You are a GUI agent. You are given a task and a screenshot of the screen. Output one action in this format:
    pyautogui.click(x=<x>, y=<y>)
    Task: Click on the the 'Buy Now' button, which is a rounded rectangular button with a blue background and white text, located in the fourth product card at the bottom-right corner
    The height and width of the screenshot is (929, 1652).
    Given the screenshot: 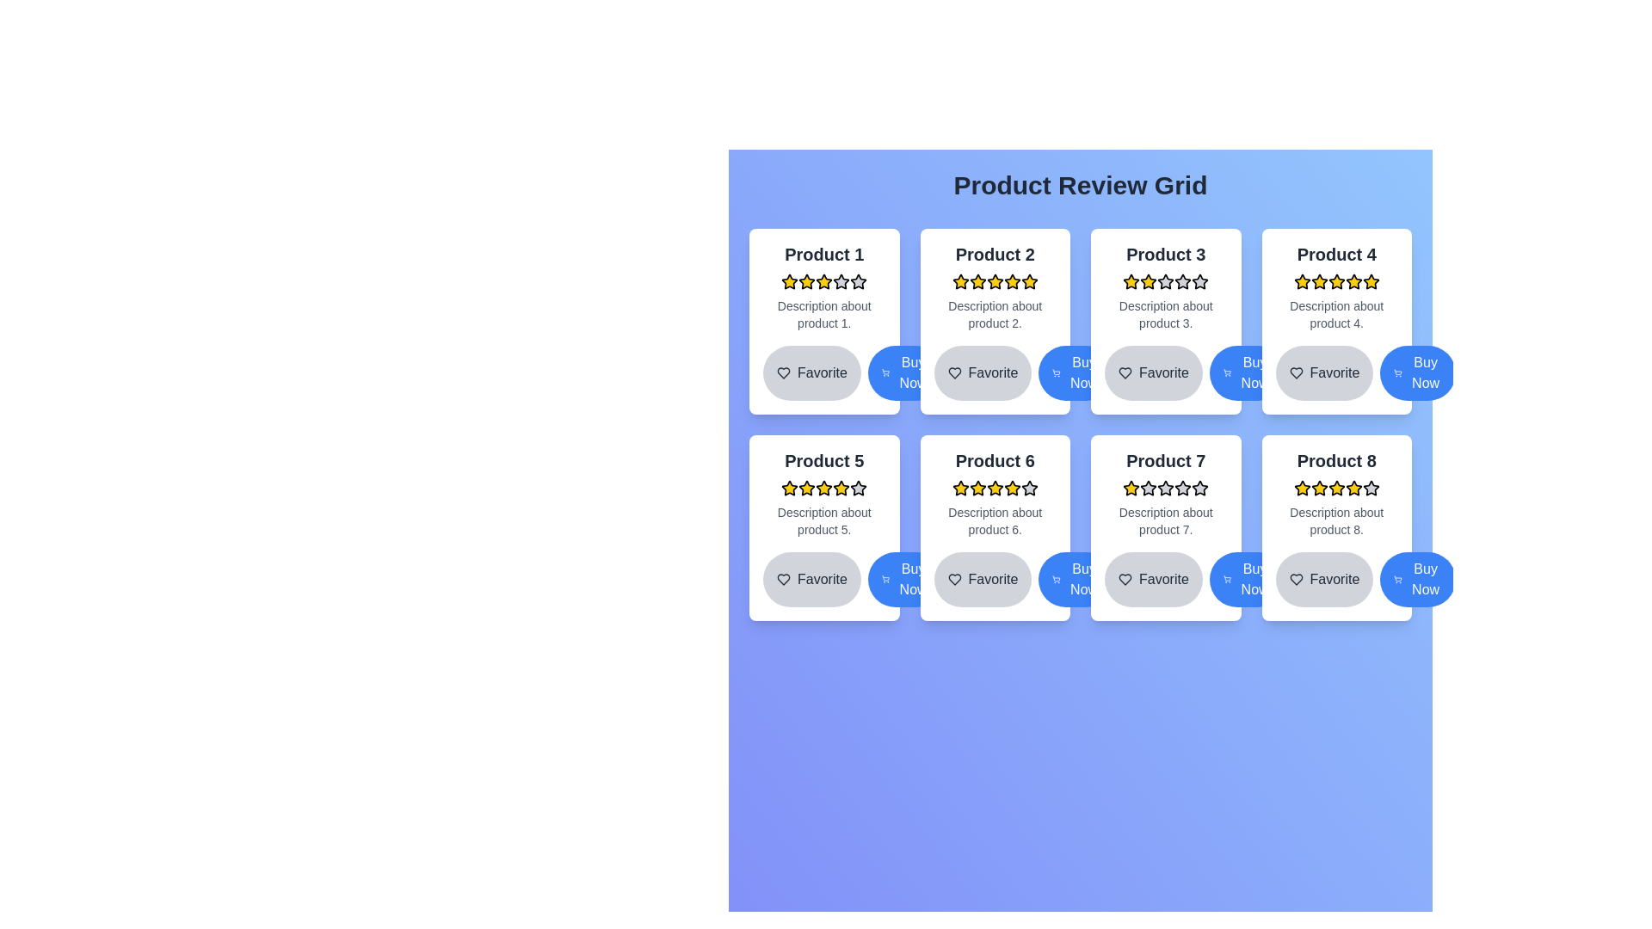 What is the action you would take?
    pyautogui.click(x=1418, y=372)
    